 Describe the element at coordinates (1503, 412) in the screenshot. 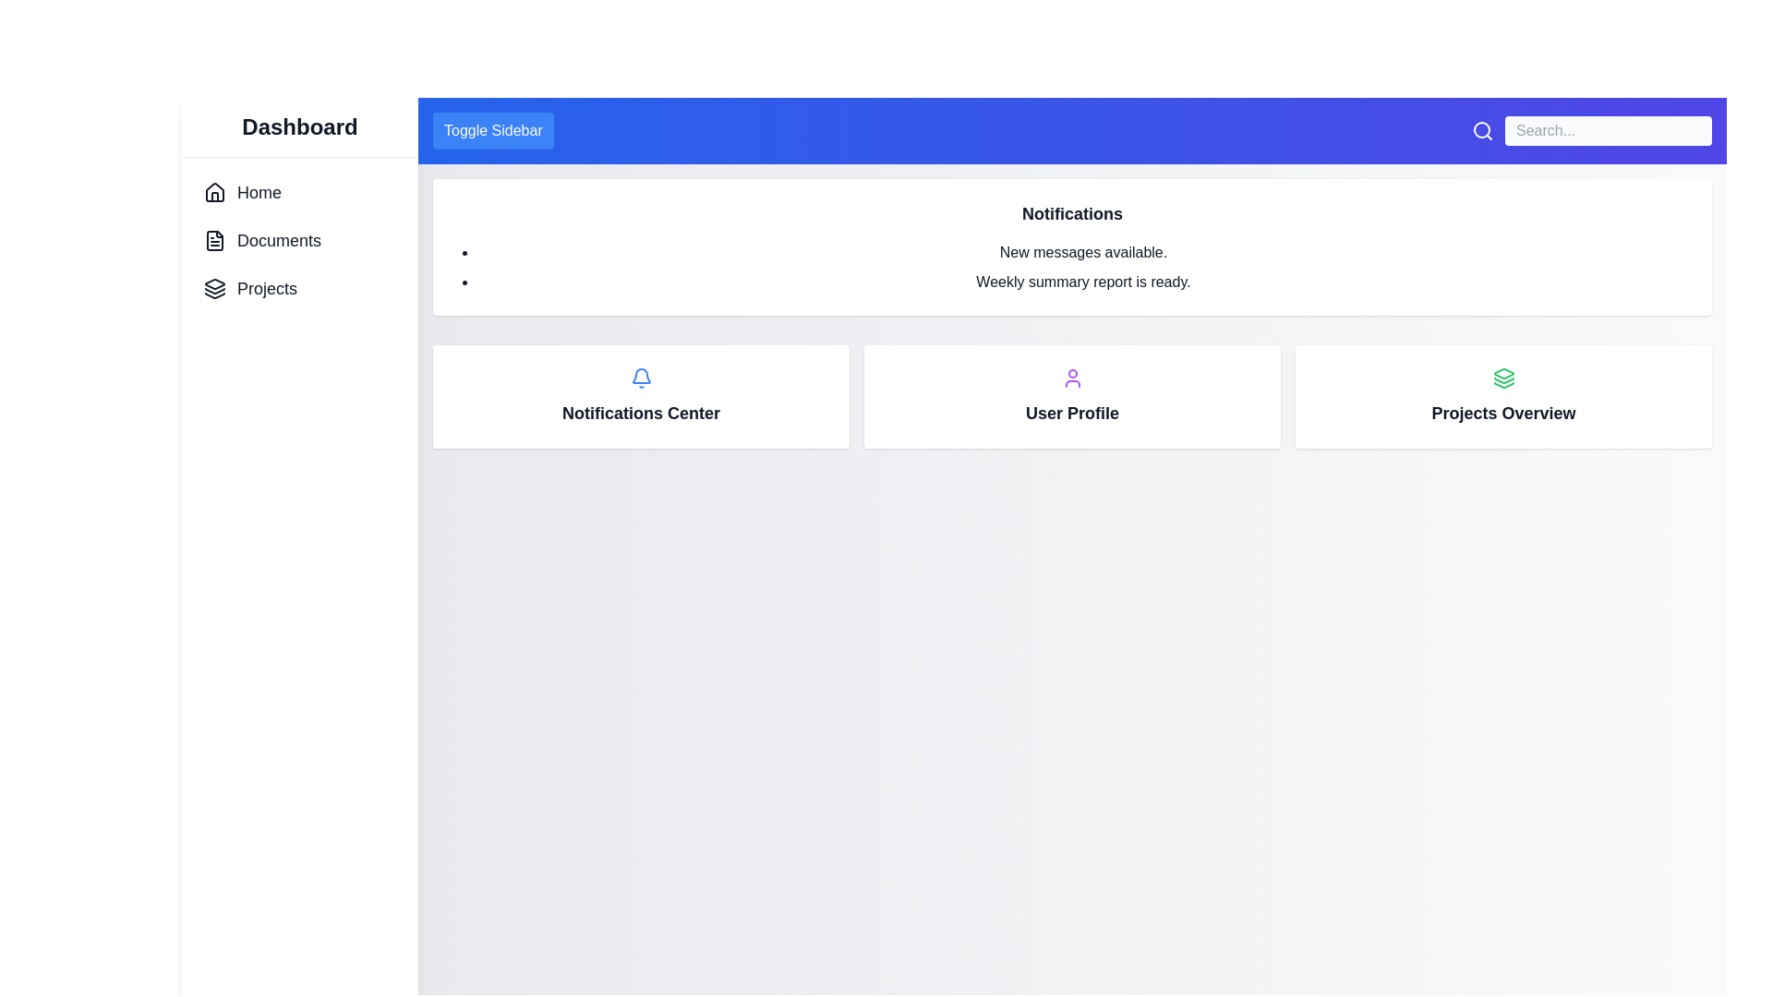

I see `the static text label that identifies the 'Projects Overview' section, located at the bottom center of the 'Projects Overview' card` at that location.